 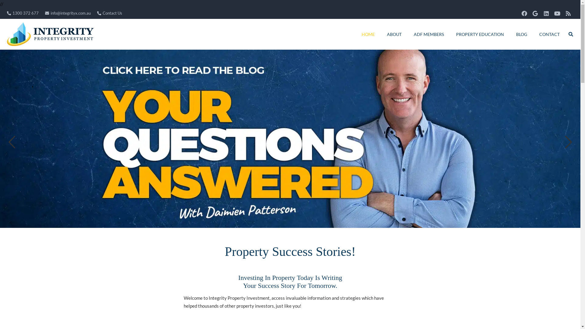 I want to click on 'ADF MEMBERS', so click(x=428, y=34).